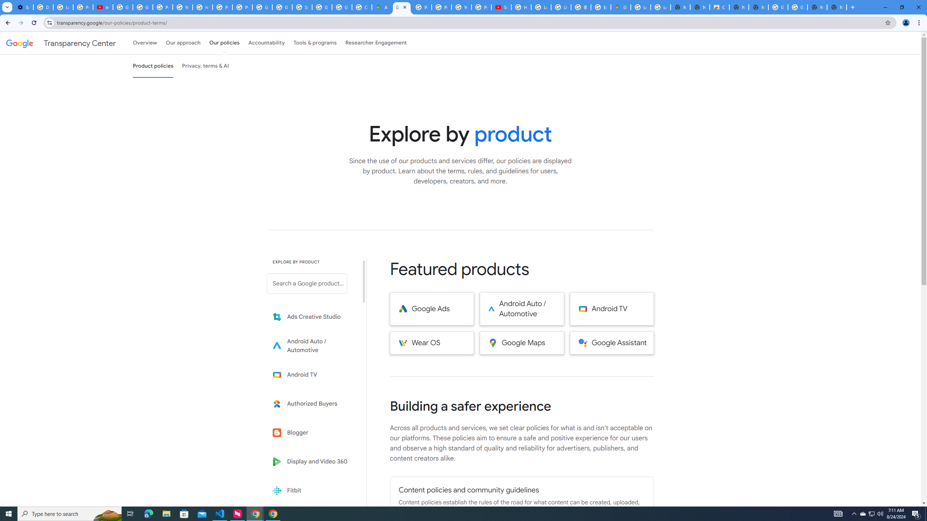  Describe the element at coordinates (266, 43) in the screenshot. I see `'Accountability'` at that location.